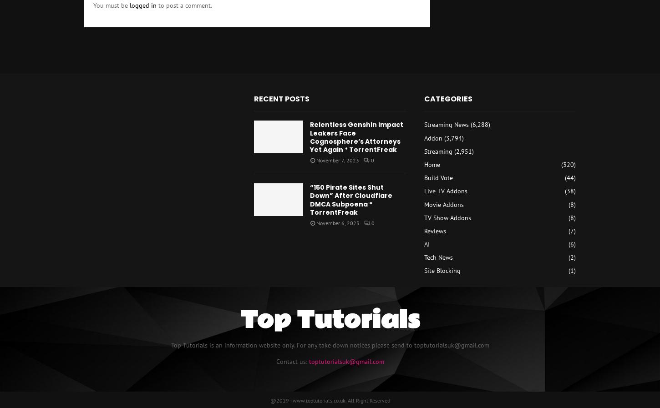 The height and width of the screenshot is (408, 660). I want to click on '(6)', so click(571, 244).